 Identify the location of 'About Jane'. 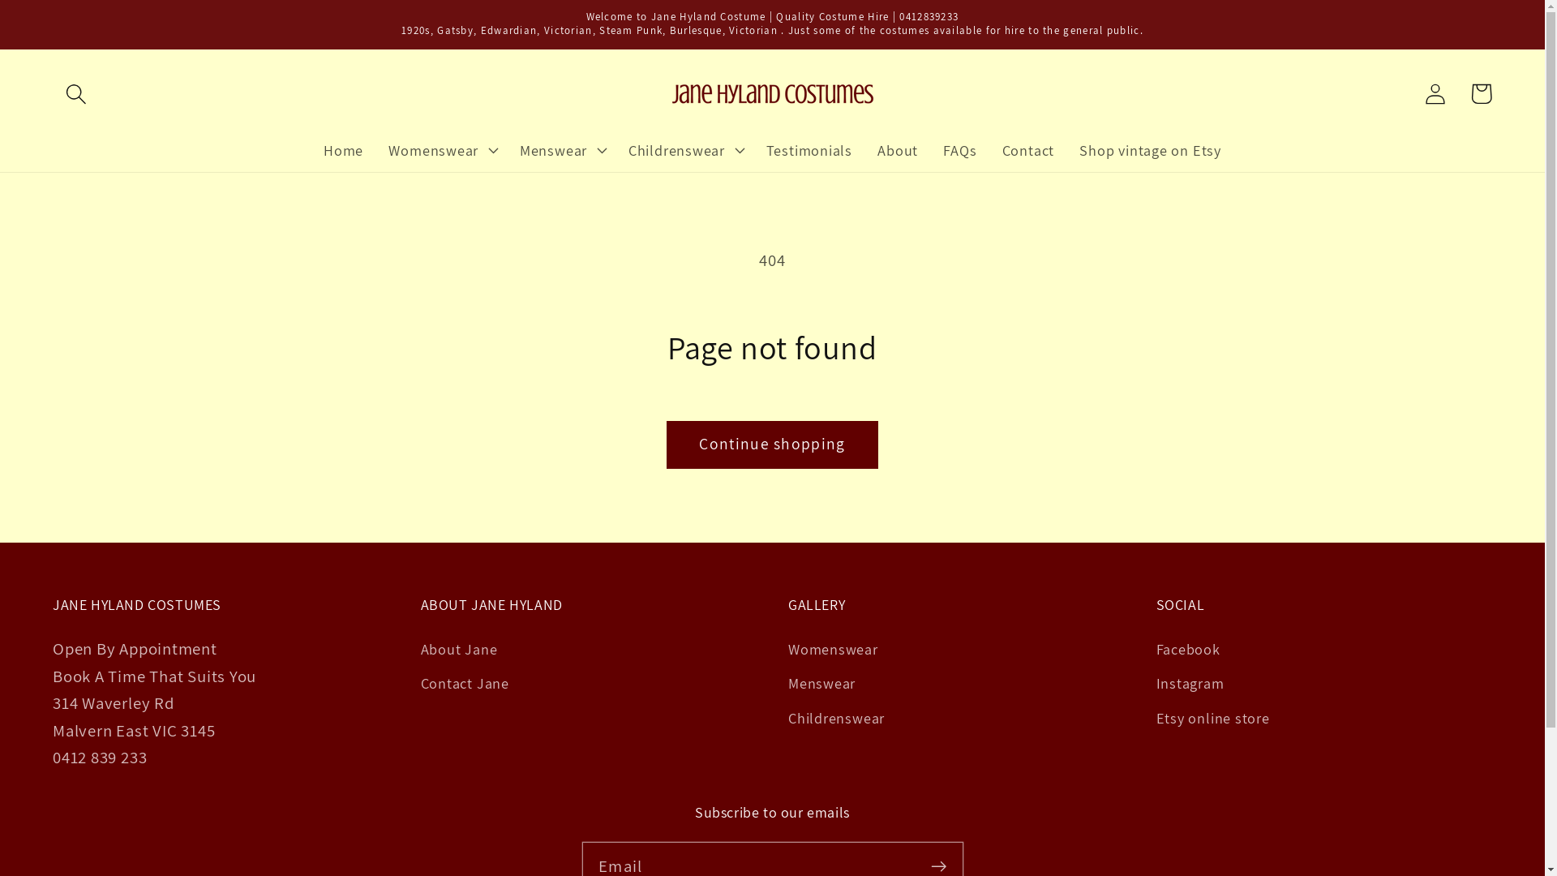
(457, 651).